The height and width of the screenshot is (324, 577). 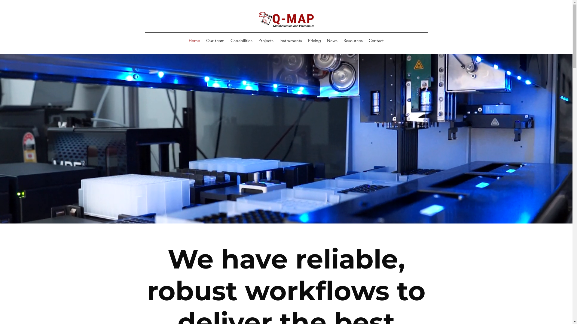 What do you see at coordinates (215, 40) in the screenshot?
I see `'Our team'` at bounding box center [215, 40].